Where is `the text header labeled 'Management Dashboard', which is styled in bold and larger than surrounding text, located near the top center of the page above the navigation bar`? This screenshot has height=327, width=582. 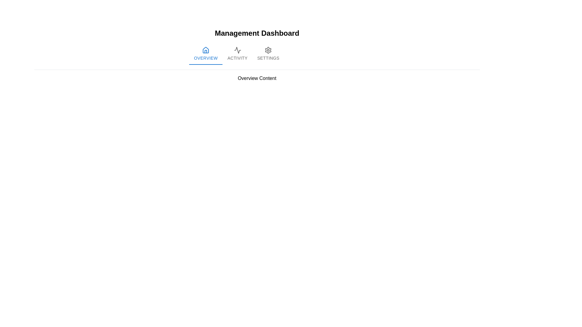
the text header labeled 'Management Dashboard', which is styled in bold and larger than surrounding text, located near the top center of the page above the navigation bar is located at coordinates (257, 33).